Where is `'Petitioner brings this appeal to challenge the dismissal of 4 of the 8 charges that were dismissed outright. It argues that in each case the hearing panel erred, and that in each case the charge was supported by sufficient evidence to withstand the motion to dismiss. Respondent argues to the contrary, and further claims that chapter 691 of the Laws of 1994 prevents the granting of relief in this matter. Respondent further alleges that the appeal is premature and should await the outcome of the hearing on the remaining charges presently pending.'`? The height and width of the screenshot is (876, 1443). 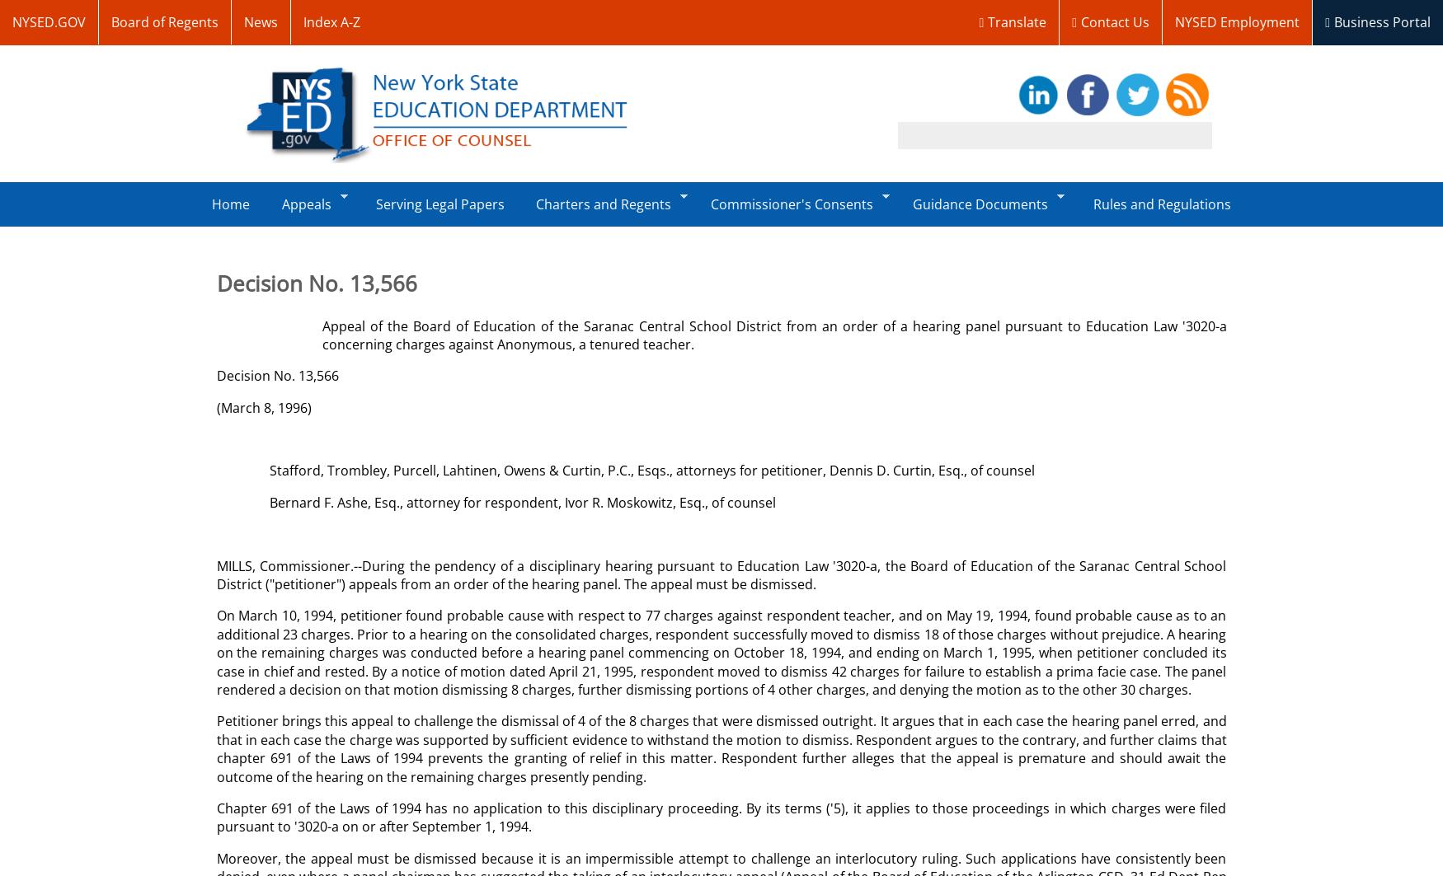
'Petitioner brings this appeal to challenge the dismissal of 4 of the 8 charges that were dismissed outright. It argues that in each case the hearing panel erred, and that in each case the charge was supported by sufficient evidence to withstand the motion to dismiss. Respondent argues to the contrary, and further claims that chapter 691 of the Laws of 1994 prevents the granting of relief in this matter. Respondent further alleges that the appeal is premature and should await the outcome of the hearing on the remaining charges presently pending.' is located at coordinates (721, 747).